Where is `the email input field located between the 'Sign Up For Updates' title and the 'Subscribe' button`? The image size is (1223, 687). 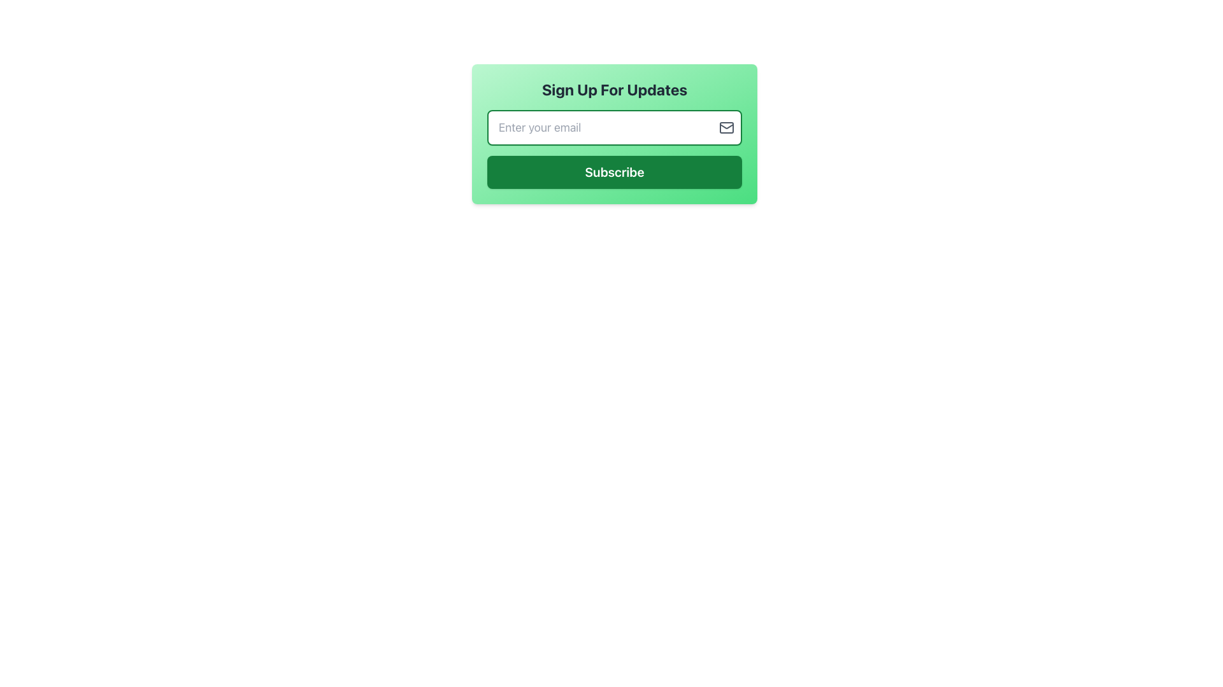
the email input field located between the 'Sign Up For Updates' title and the 'Subscribe' button is located at coordinates (614, 127).